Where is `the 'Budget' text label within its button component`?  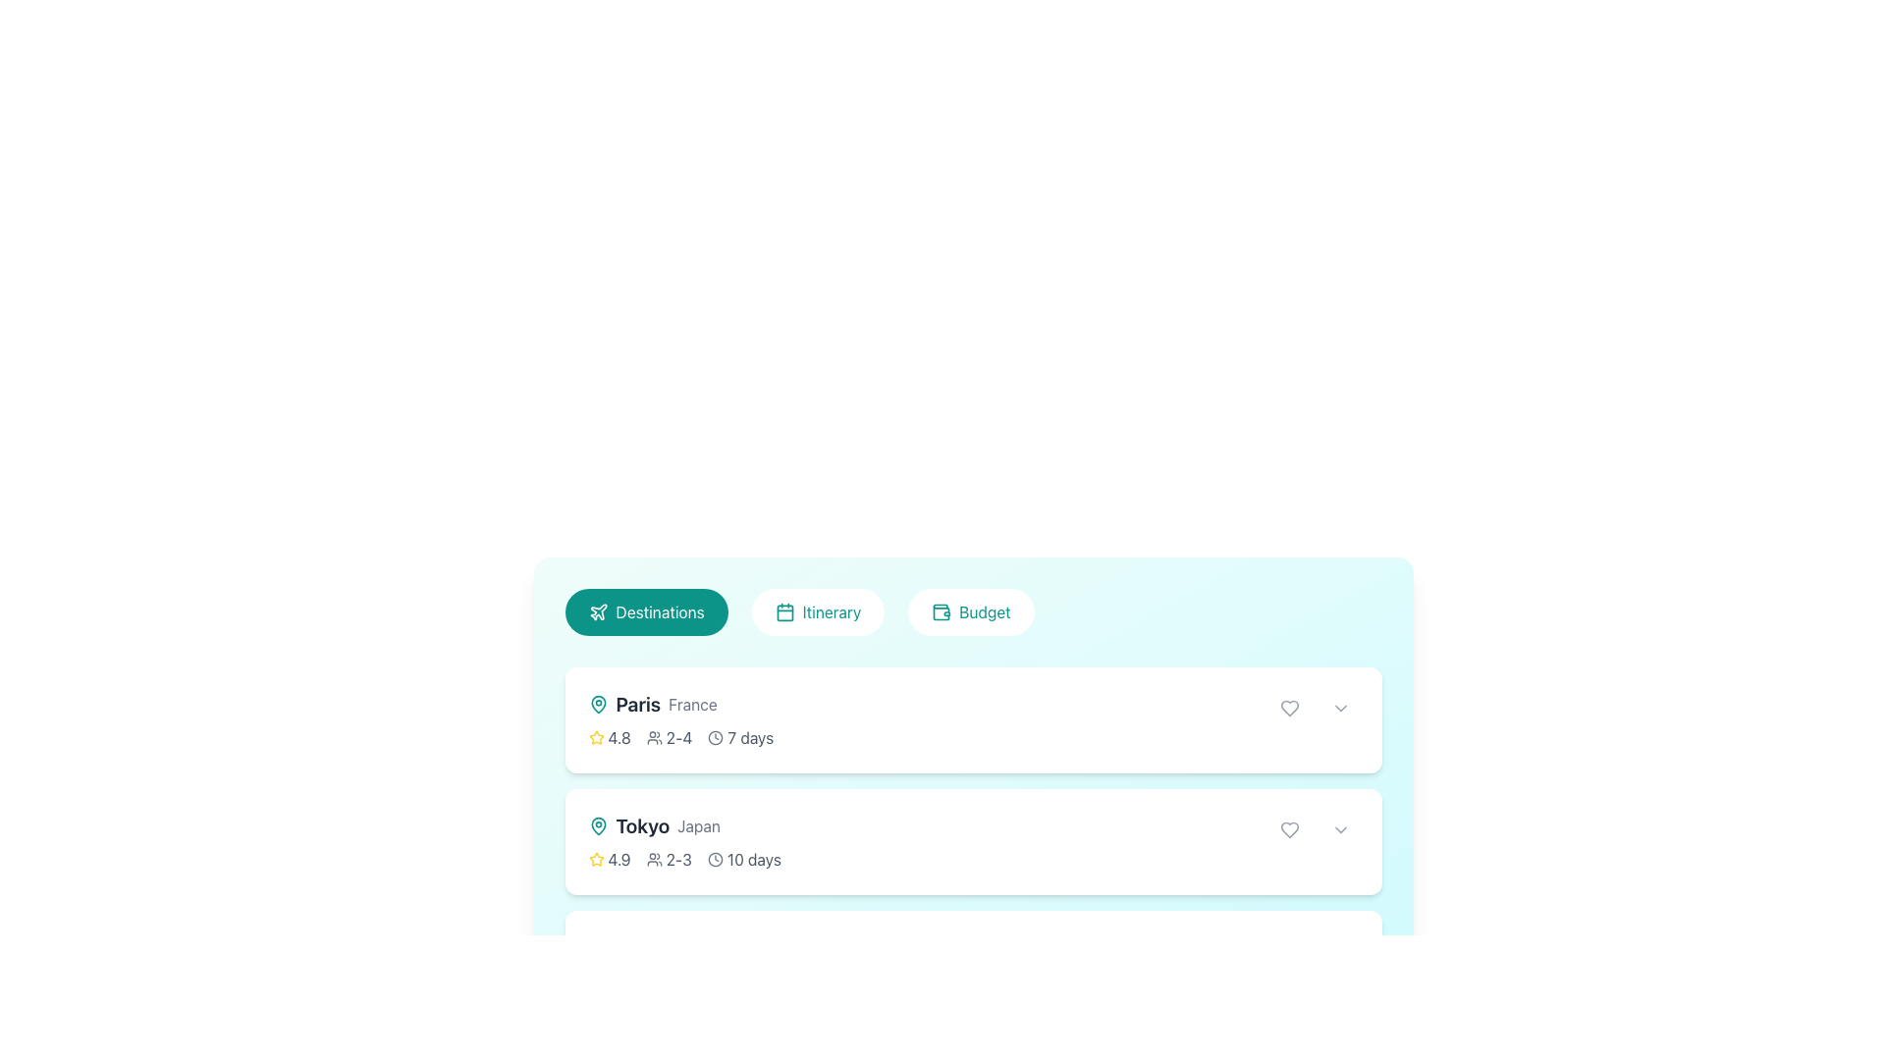 the 'Budget' text label within its button component is located at coordinates (985, 611).